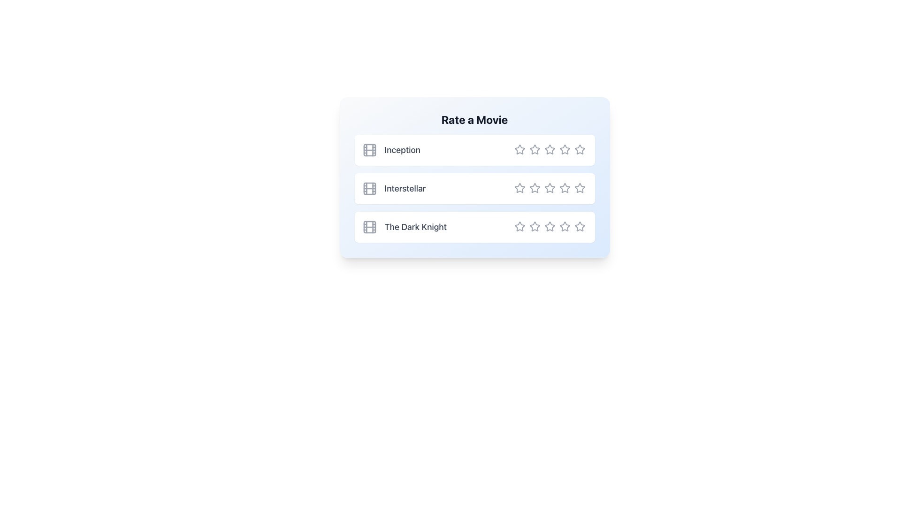 The width and height of the screenshot is (901, 507). What do you see at coordinates (534, 226) in the screenshot?
I see `the first star in the rating row to assign a one star rating to the movie 'The Dark Knight'` at bounding box center [534, 226].